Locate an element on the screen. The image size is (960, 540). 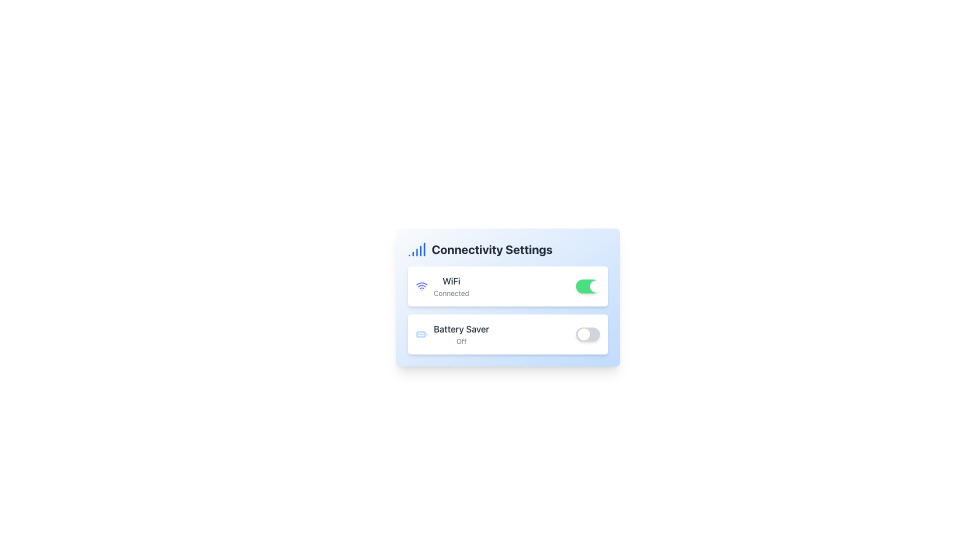
the WiFi connection status icon located to the left of the 'WiFi Connected' text in the 'Connectivity Settings' section is located at coordinates (421, 286).